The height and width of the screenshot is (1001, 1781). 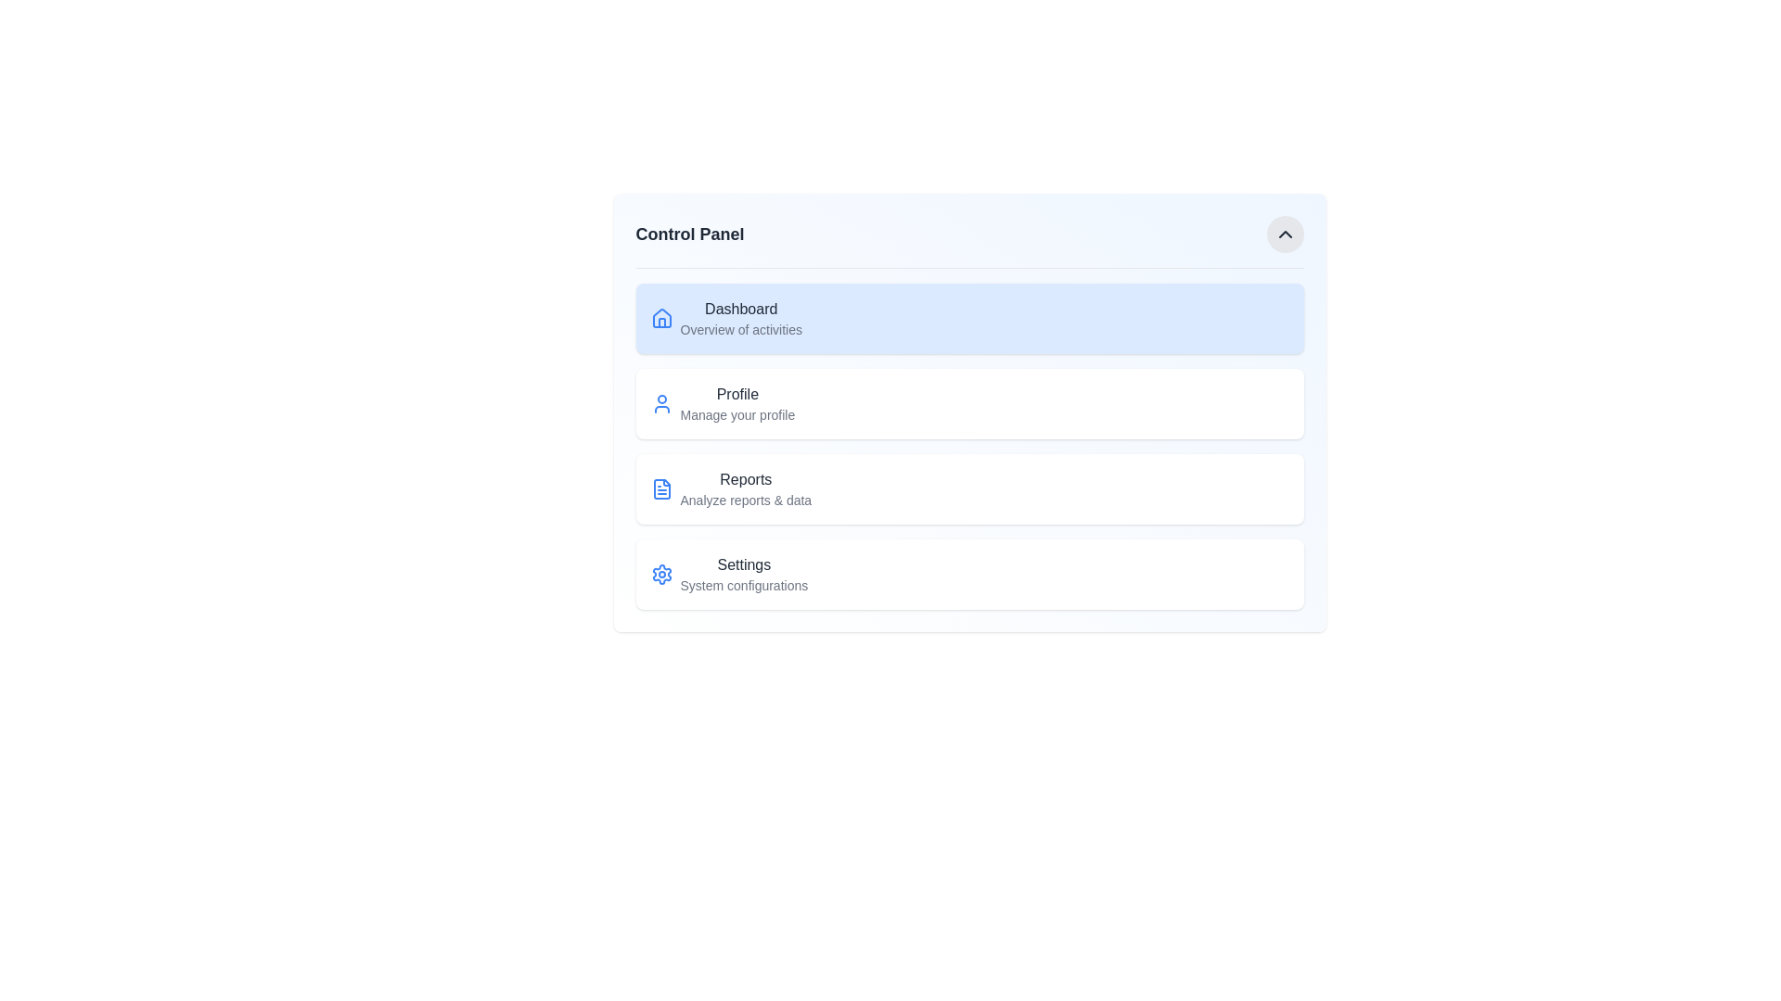 What do you see at coordinates (744, 564) in the screenshot?
I see `the 'Settings' text label, which is the fourth item in a vertical list of menu options` at bounding box center [744, 564].